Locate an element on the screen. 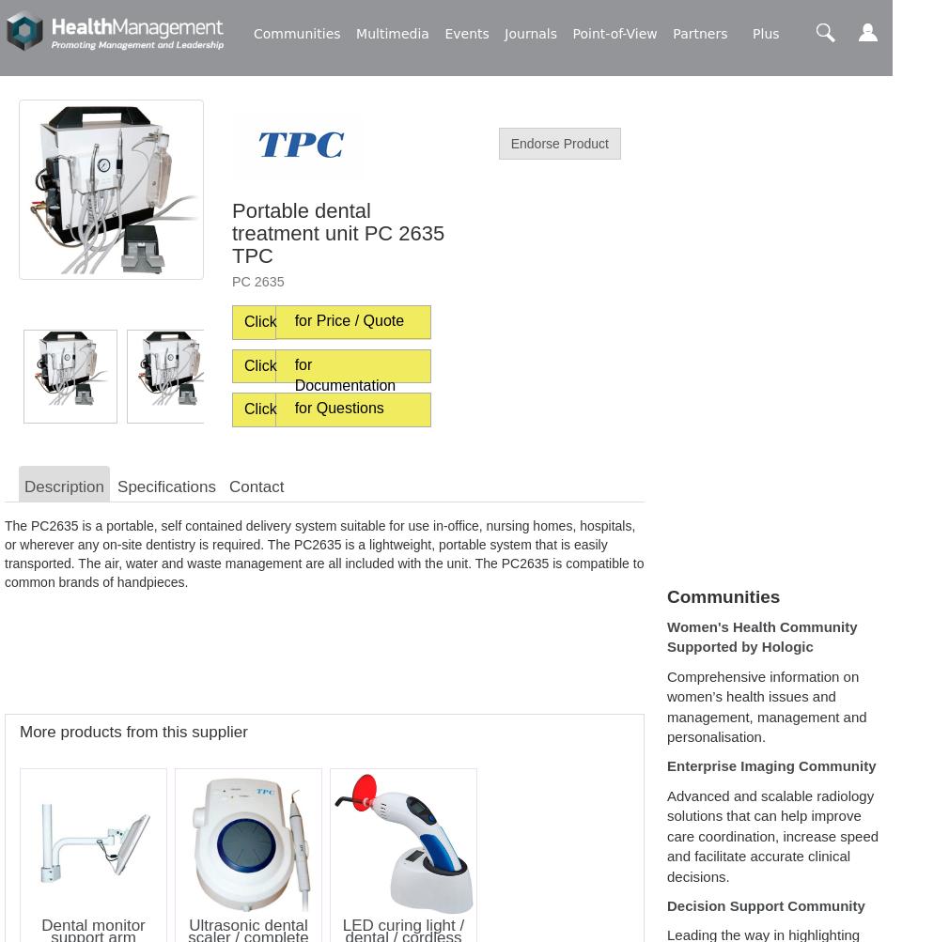  'for Price / Quote' is located at coordinates (349, 318).